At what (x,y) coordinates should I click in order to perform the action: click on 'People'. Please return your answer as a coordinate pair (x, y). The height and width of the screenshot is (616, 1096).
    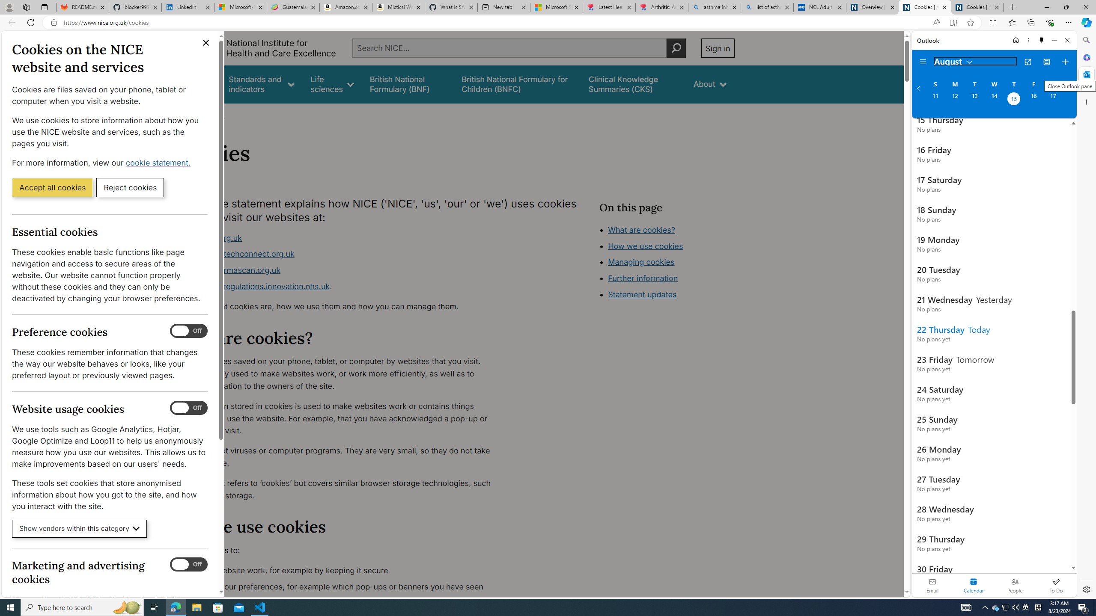
    Looking at the image, I should click on (1014, 585).